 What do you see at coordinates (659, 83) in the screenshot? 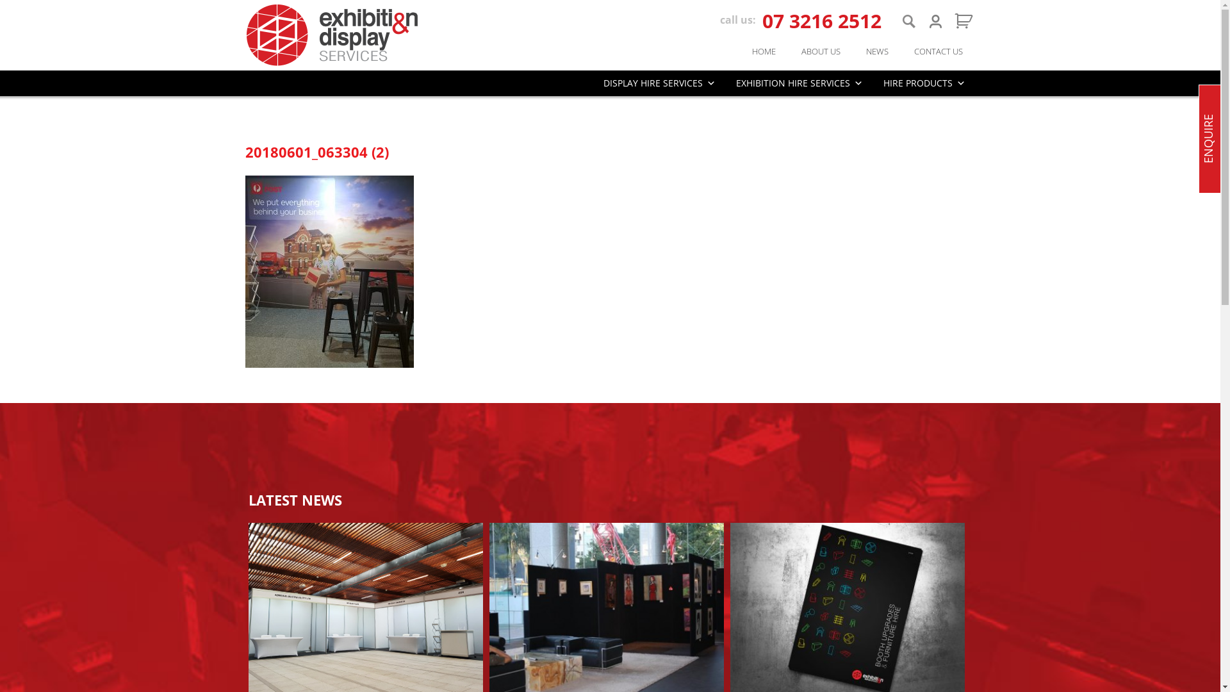
I see `'DISPLAY HIRE SERVICES'` at bounding box center [659, 83].